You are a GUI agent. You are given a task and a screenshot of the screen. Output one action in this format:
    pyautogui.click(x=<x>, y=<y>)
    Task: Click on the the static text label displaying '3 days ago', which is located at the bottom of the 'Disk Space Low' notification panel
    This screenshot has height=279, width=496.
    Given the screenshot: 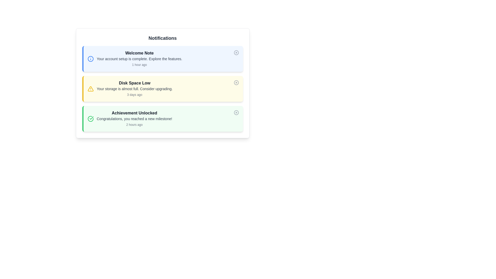 What is the action you would take?
    pyautogui.click(x=135, y=95)
    